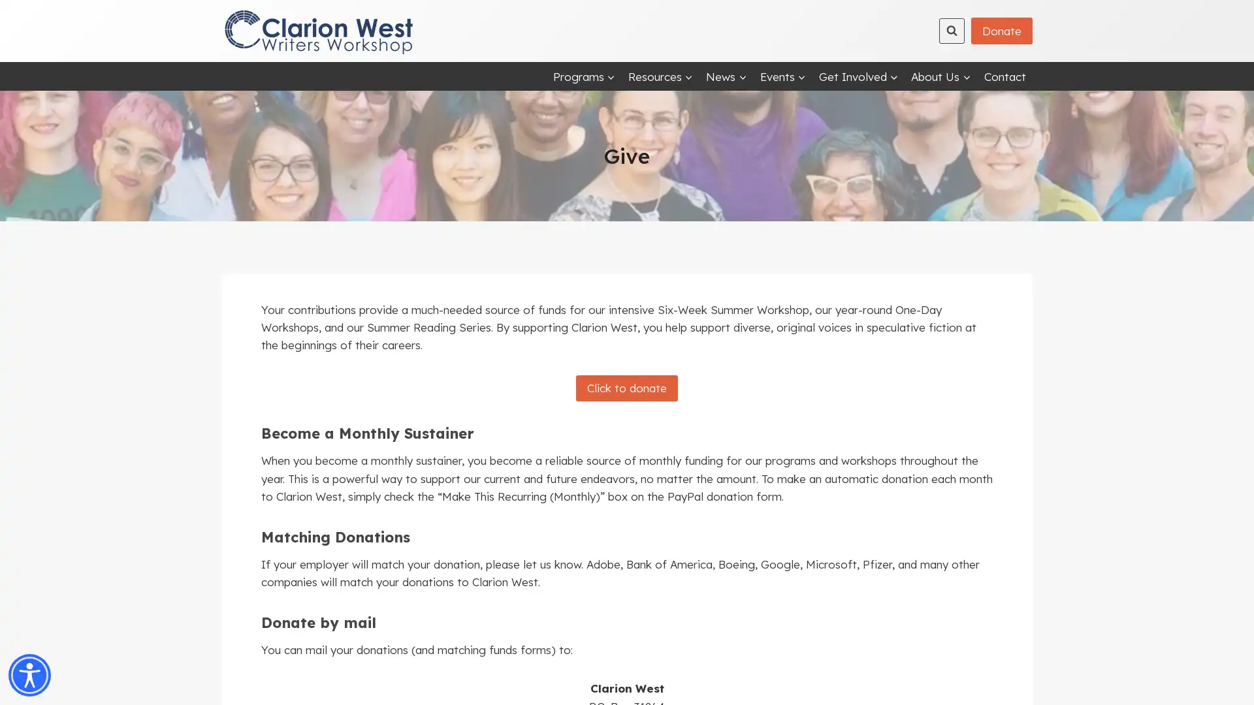 This screenshot has width=1254, height=705. What do you see at coordinates (952, 29) in the screenshot?
I see `View Search Form` at bounding box center [952, 29].